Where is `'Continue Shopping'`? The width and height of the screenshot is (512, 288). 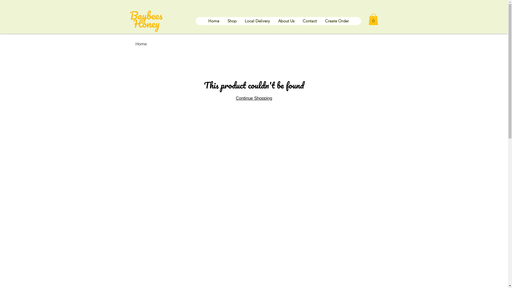 'Continue Shopping' is located at coordinates (253, 98).